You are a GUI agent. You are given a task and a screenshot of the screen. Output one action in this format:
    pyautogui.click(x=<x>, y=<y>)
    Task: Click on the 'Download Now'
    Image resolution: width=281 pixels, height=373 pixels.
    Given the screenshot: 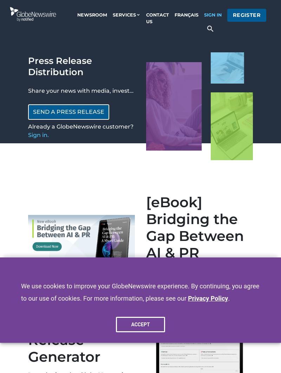 What is the action you would take?
    pyautogui.click(x=171, y=285)
    